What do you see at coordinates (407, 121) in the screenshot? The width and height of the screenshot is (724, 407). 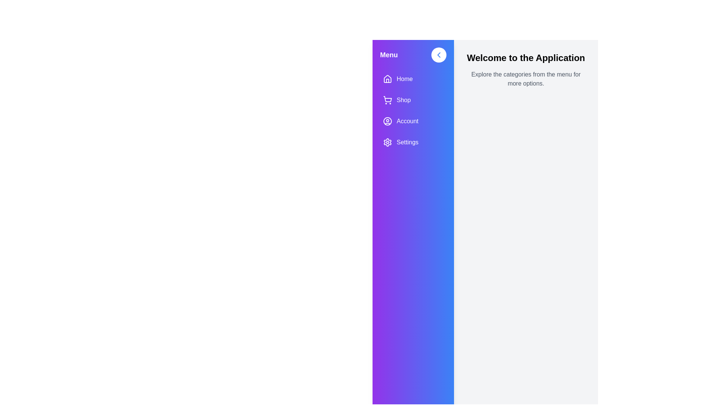 I see `text label displaying 'Account' in the vertical navigation bar on the left side of the interface` at bounding box center [407, 121].